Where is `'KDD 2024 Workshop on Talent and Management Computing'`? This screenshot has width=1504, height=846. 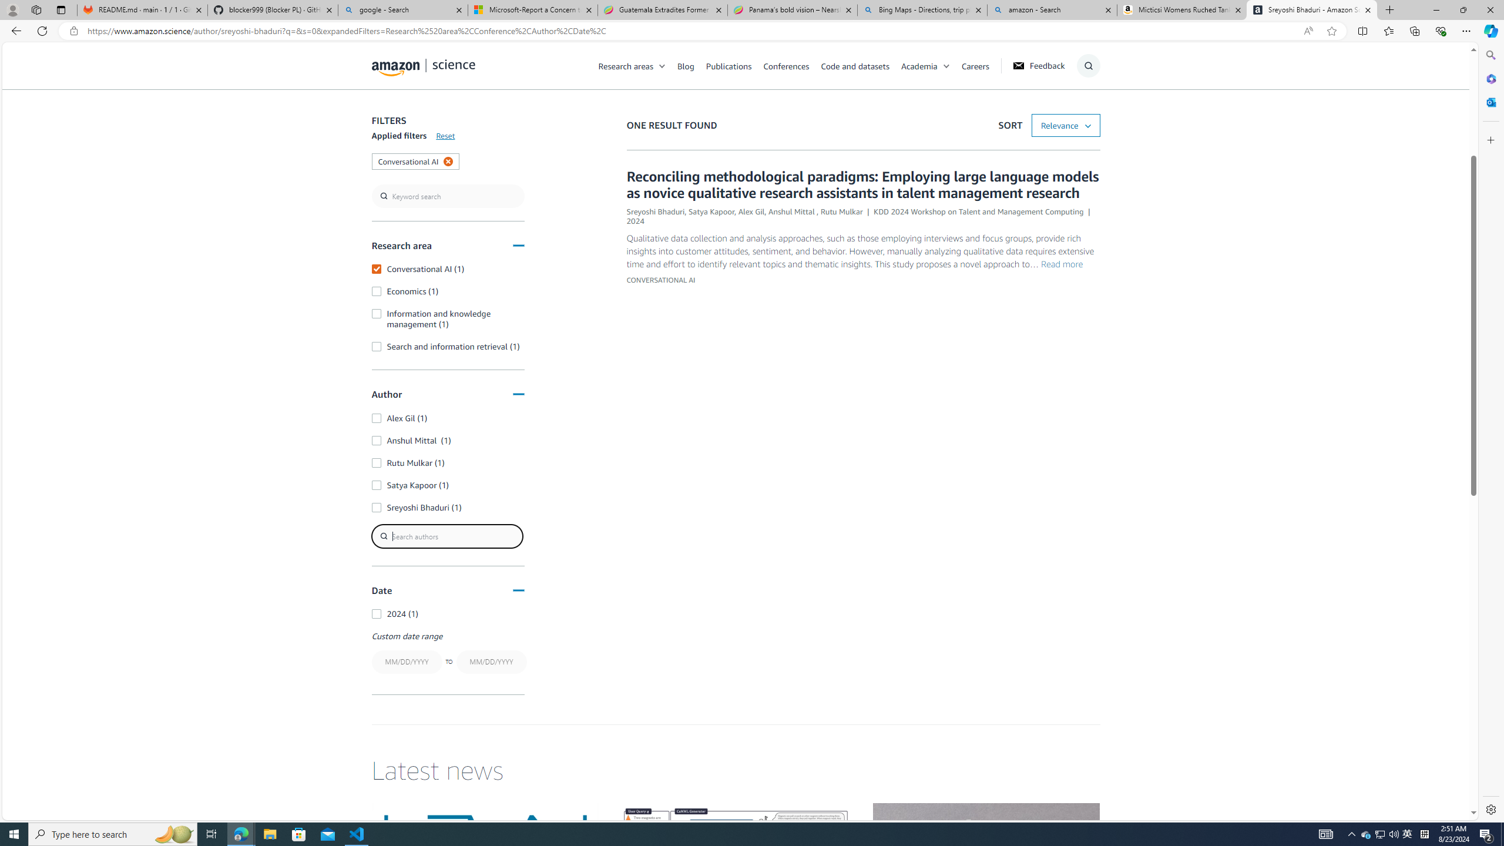
'KDD 2024 Workshop on Talent and Management Computing' is located at coordinates (979, 211).